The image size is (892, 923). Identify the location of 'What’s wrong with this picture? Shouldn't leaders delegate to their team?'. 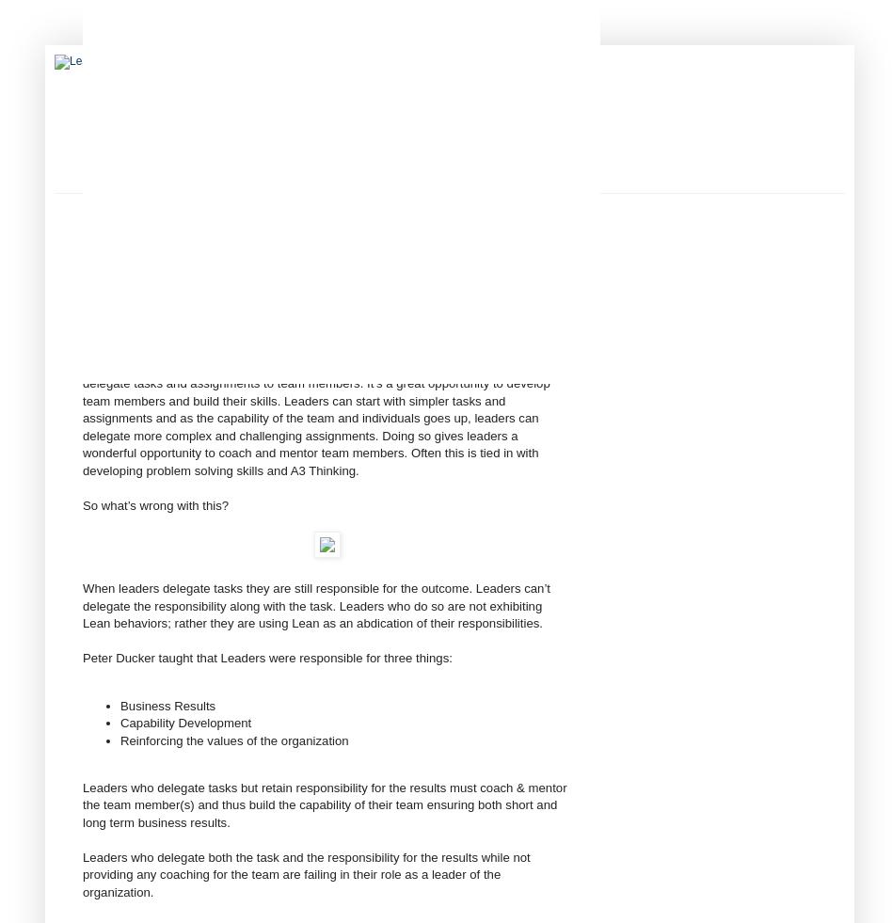
(282, 329).